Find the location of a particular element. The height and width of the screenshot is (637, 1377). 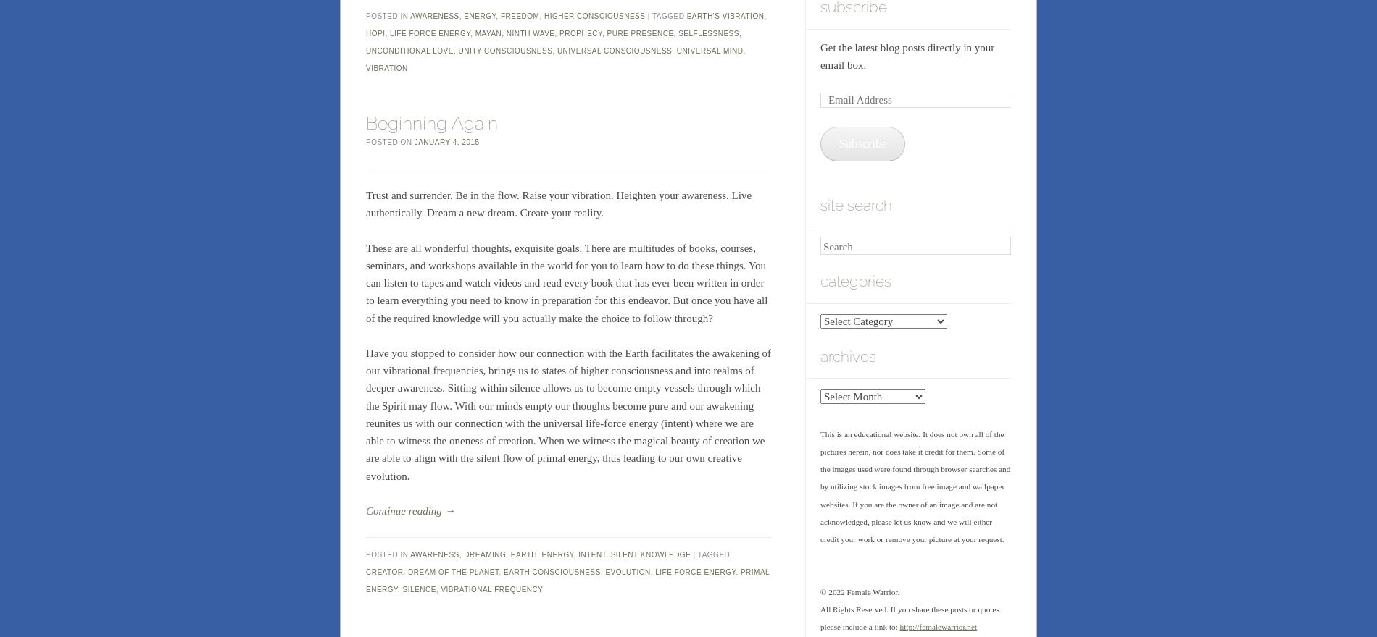

'ninth wave' is located at coordinates (529, 33).